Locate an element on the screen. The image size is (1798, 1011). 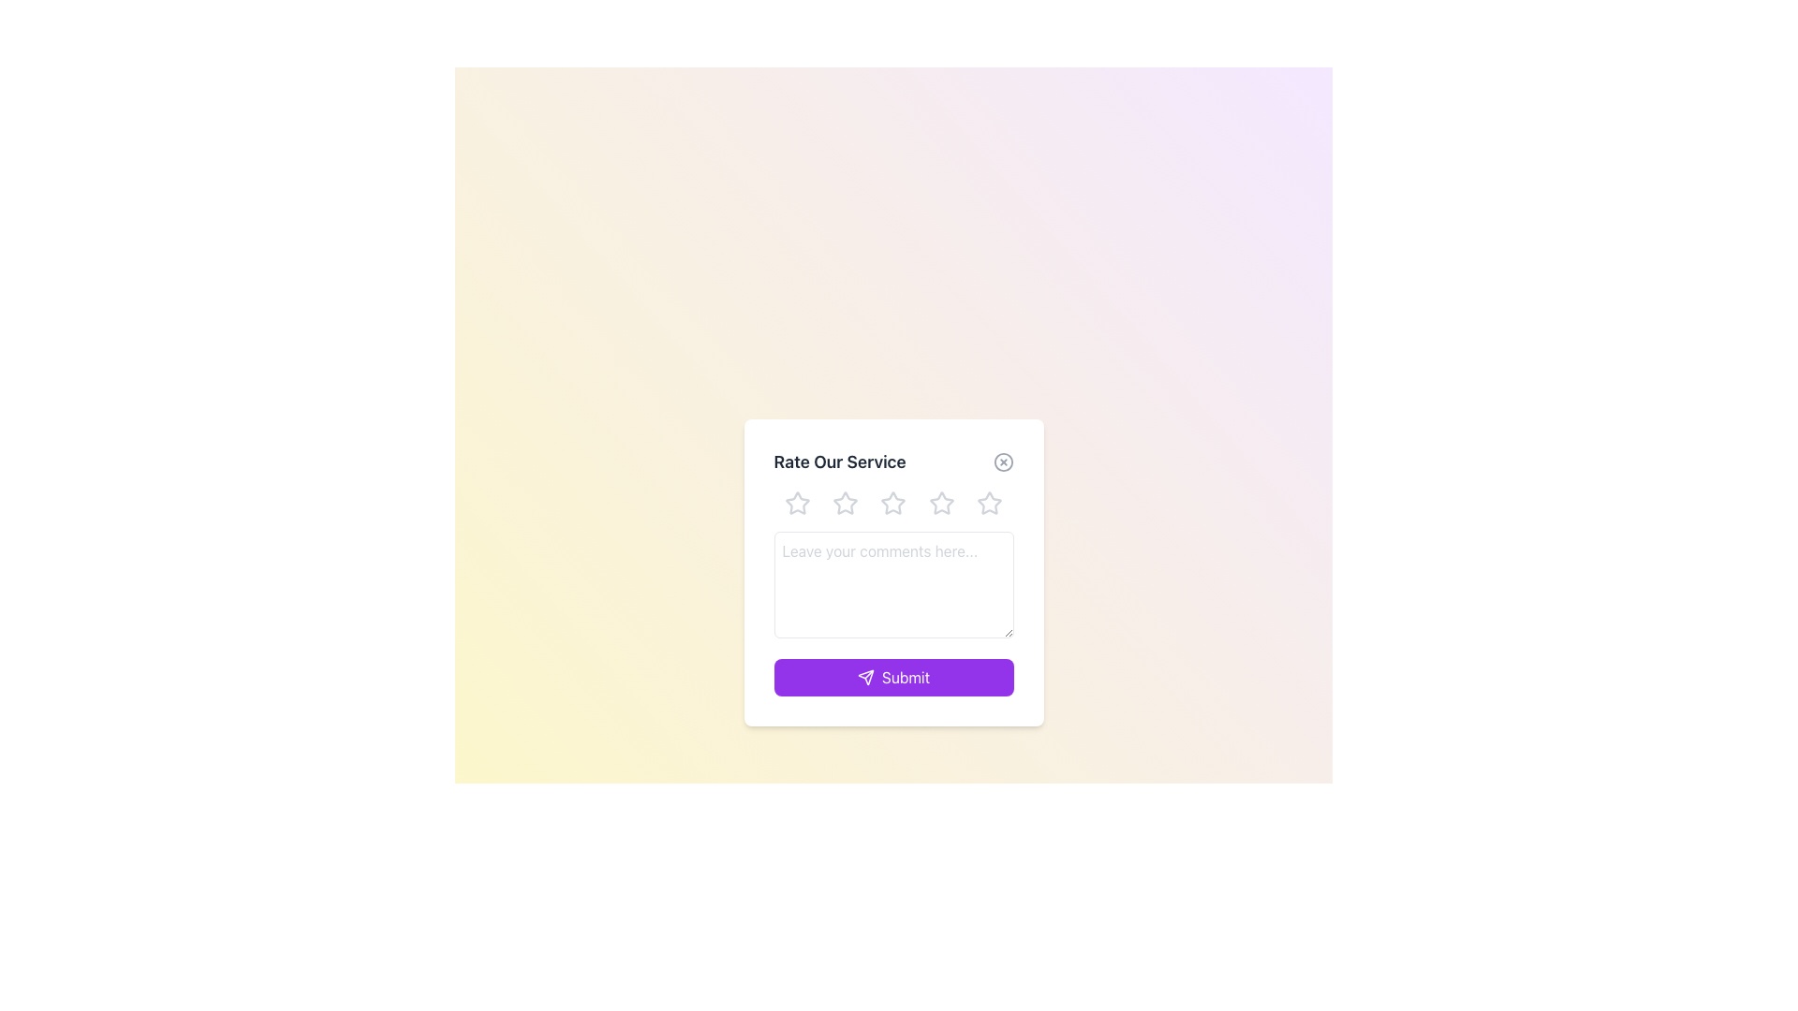
the circular close icon located in the top-right corner of the modal, which is part of an SVG element is located at coordinates (1002, 462).